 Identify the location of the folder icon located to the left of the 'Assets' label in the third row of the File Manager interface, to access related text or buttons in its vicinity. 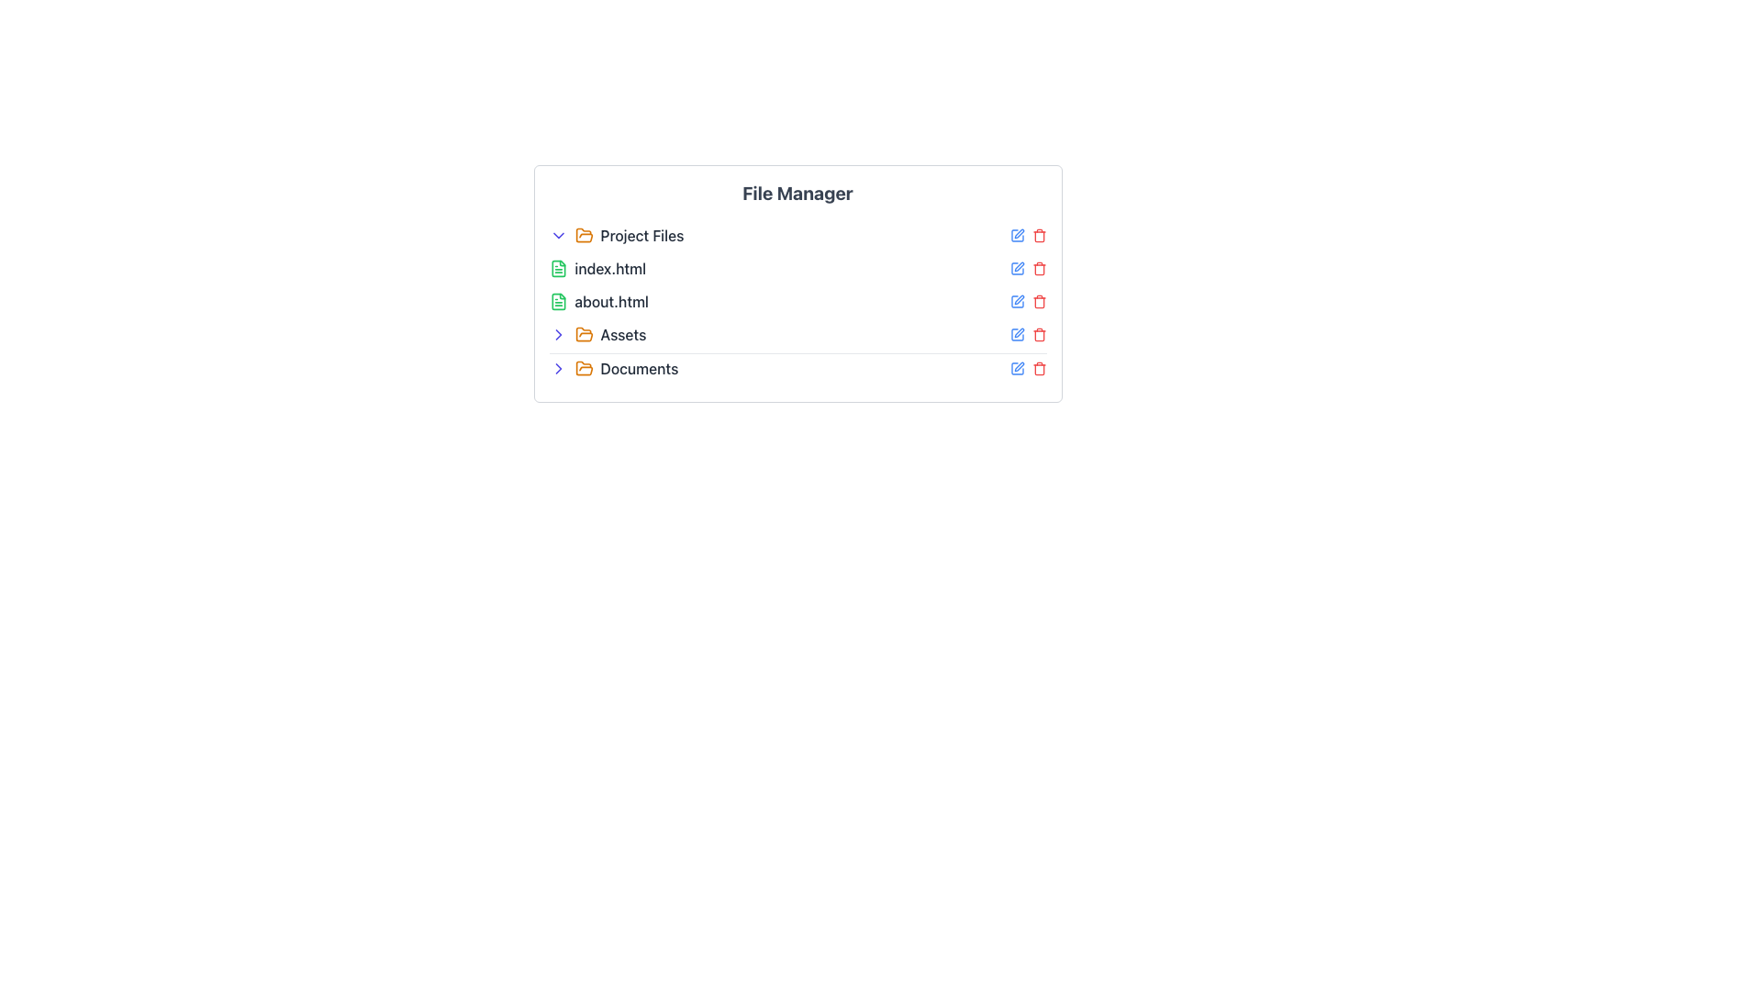
(583, 335).